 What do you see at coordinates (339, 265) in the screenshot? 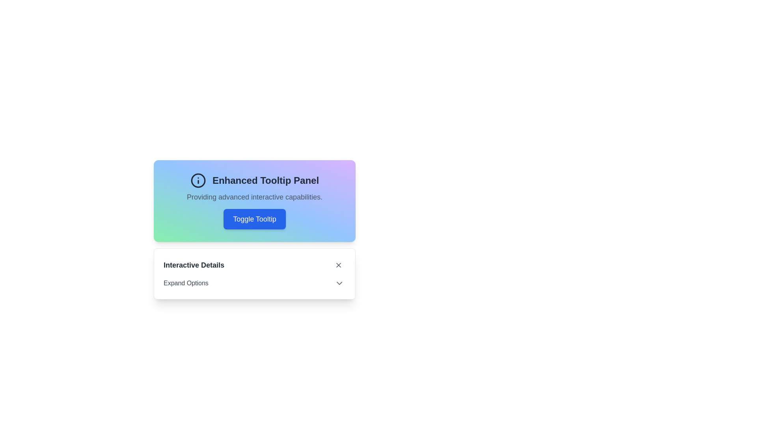
I see `the Close button with an 'X' icon located in the top-right corner of the 'Interactive Details' section` at bounding box center [339, 265].